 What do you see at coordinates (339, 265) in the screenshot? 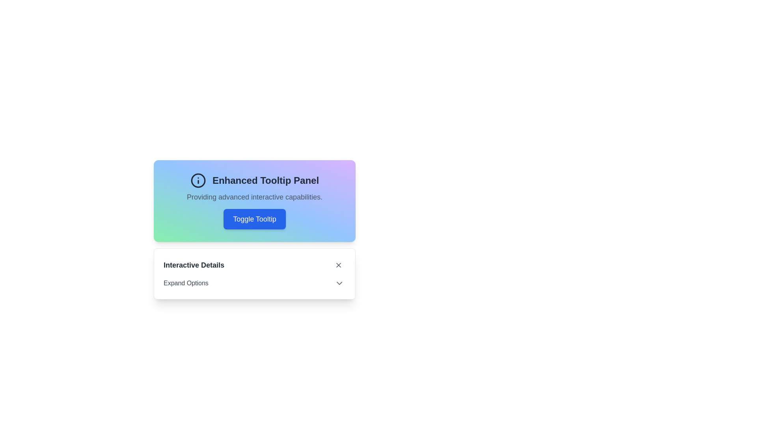
I see `the Close button with an 'X' icon located in the top-right corner of the 'Interactive Details' section` at bounding box center [339, 265].